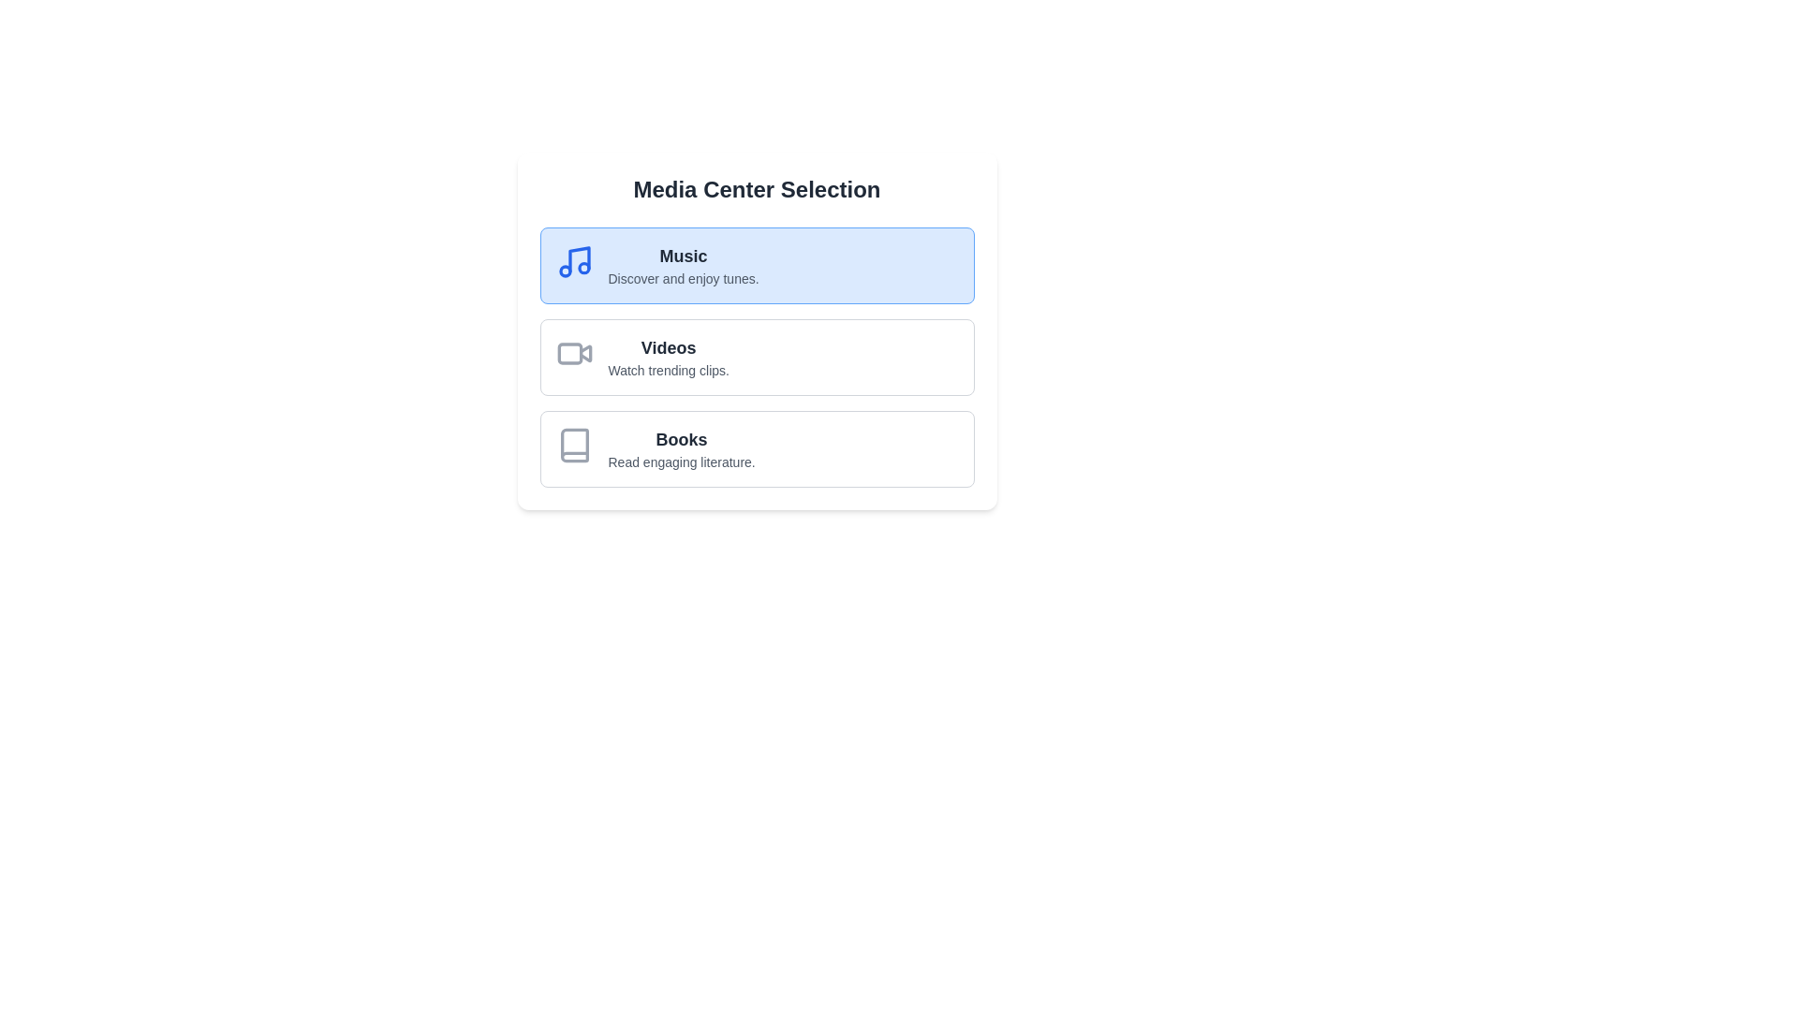  I want to click on descriptive tagline text for the 'Music' category, which is positioned directly below the 'Music' label in the media options list, so click(682, 278).